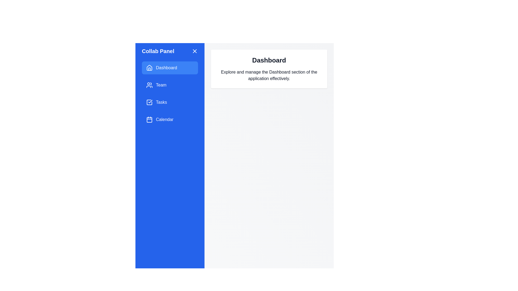 The width and height of the screenshot is (518, 291). Describe the element at coordinates (169, 67) in the screenshot. I see `the Dashboard option from the navigation menu` at that location.